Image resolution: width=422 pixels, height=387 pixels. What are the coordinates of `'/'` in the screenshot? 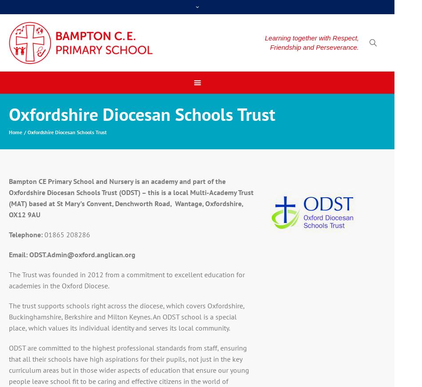 It's located at (26, 132).